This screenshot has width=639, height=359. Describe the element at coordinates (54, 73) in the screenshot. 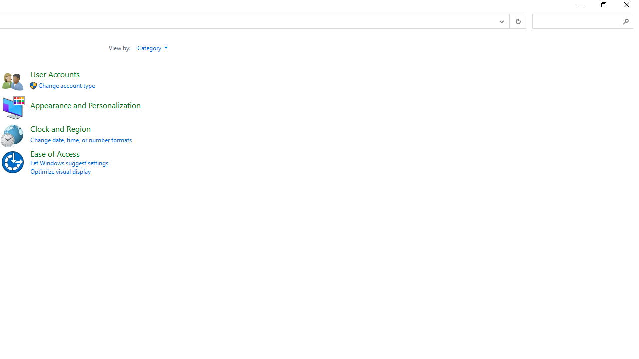

I see `'User Accounts'` at that location.